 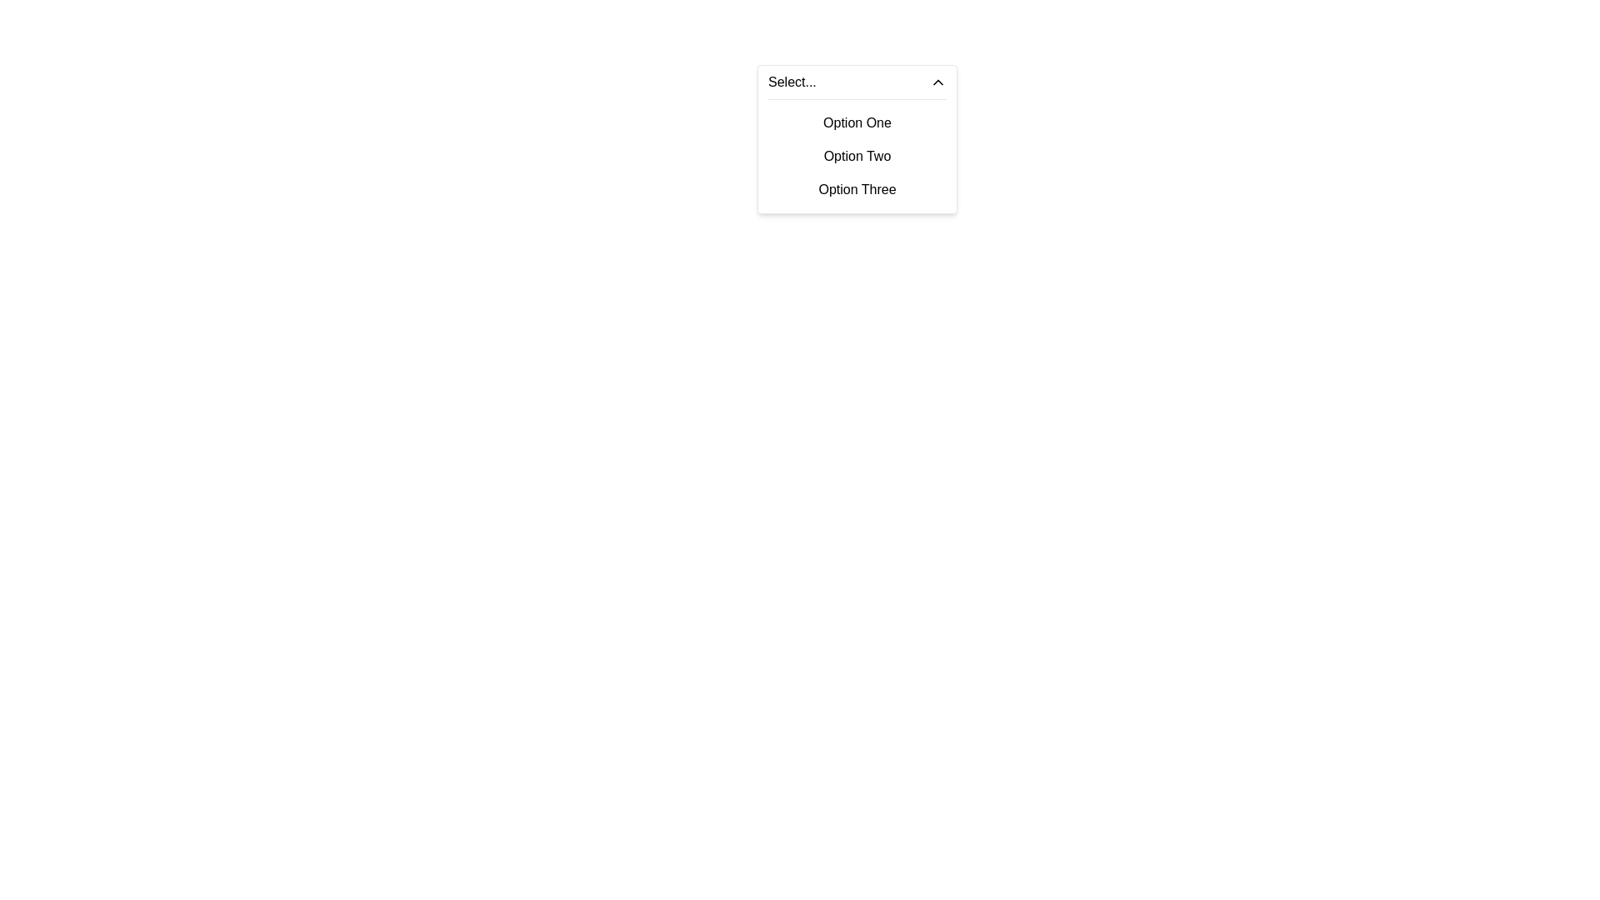 What do you see at coordinates (857, 122) in the screenshot?
I see `the 'Option One' Text button, which displays the text with a rounded border and changes colors on hover` at bounding box center [857, 122].